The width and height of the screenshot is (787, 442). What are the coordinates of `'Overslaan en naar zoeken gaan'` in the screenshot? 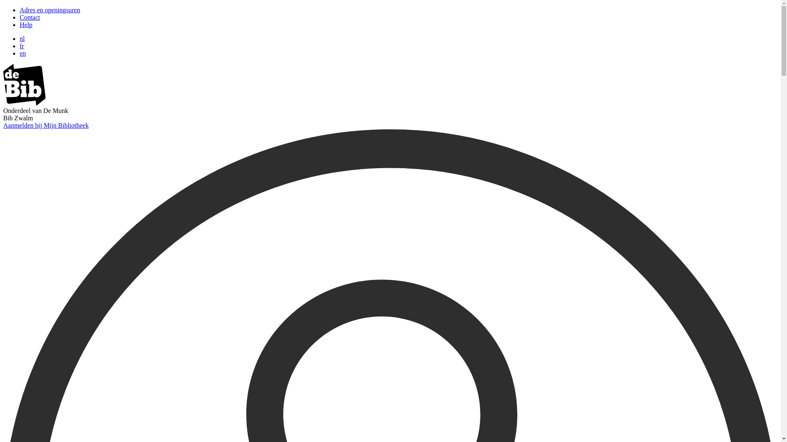 It's located at (3, 7).